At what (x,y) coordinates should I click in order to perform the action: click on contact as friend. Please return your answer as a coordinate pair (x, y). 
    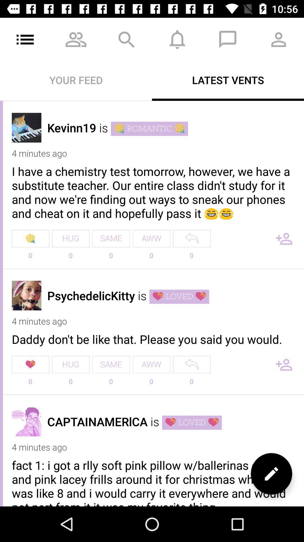
    Looking at the image, I should click on (284, 364).